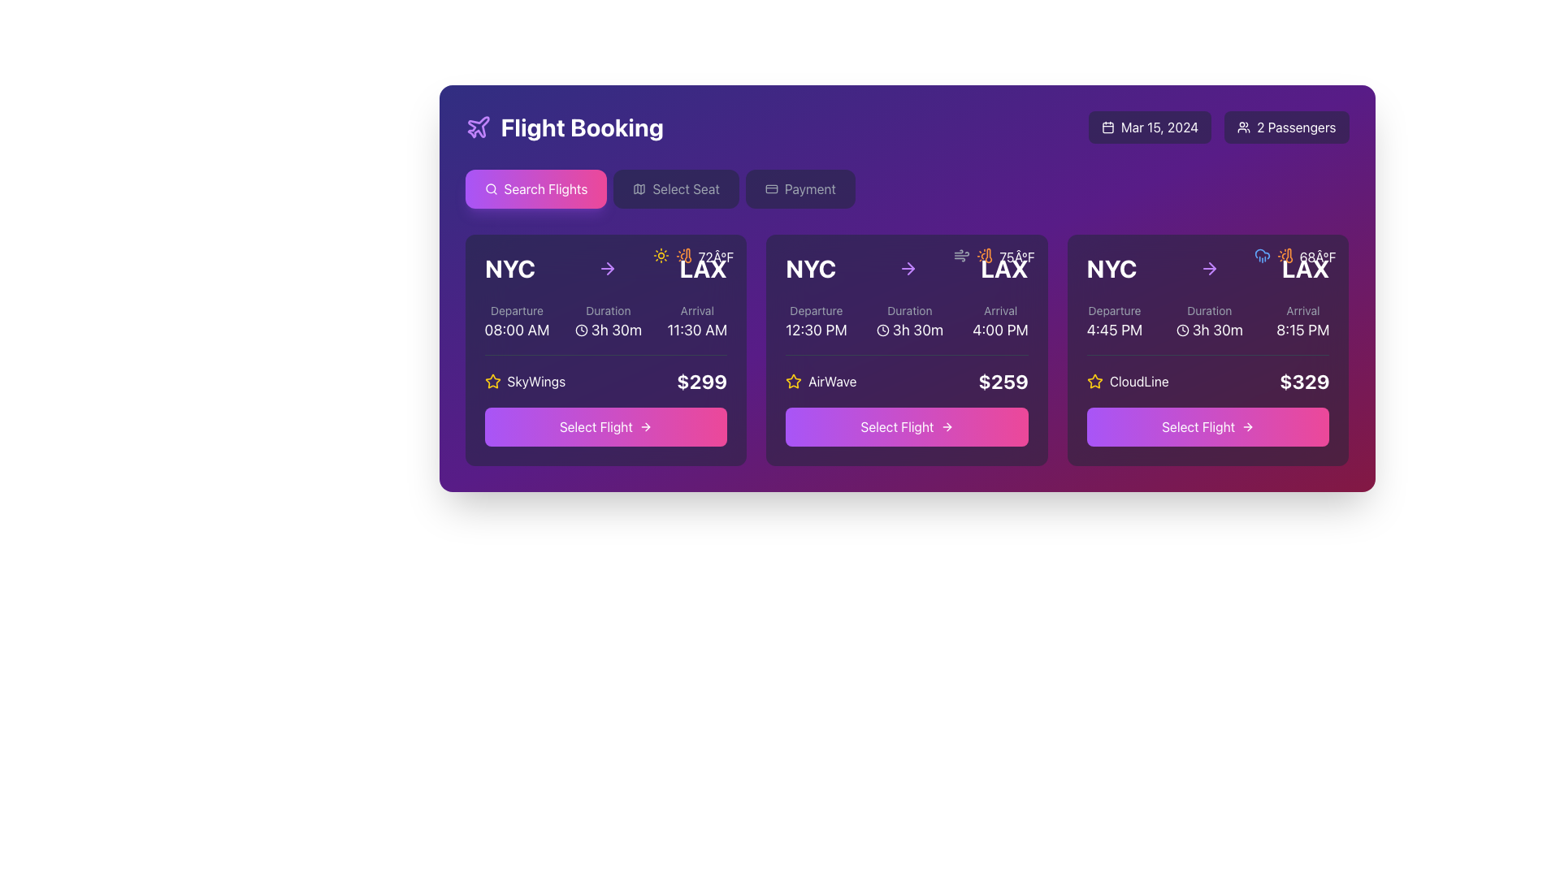 The height and width of the screenshot is (877, 1560). I want to click on the CloudLine service indicator, which includes a star icon and the text label, so click(1127, 382).